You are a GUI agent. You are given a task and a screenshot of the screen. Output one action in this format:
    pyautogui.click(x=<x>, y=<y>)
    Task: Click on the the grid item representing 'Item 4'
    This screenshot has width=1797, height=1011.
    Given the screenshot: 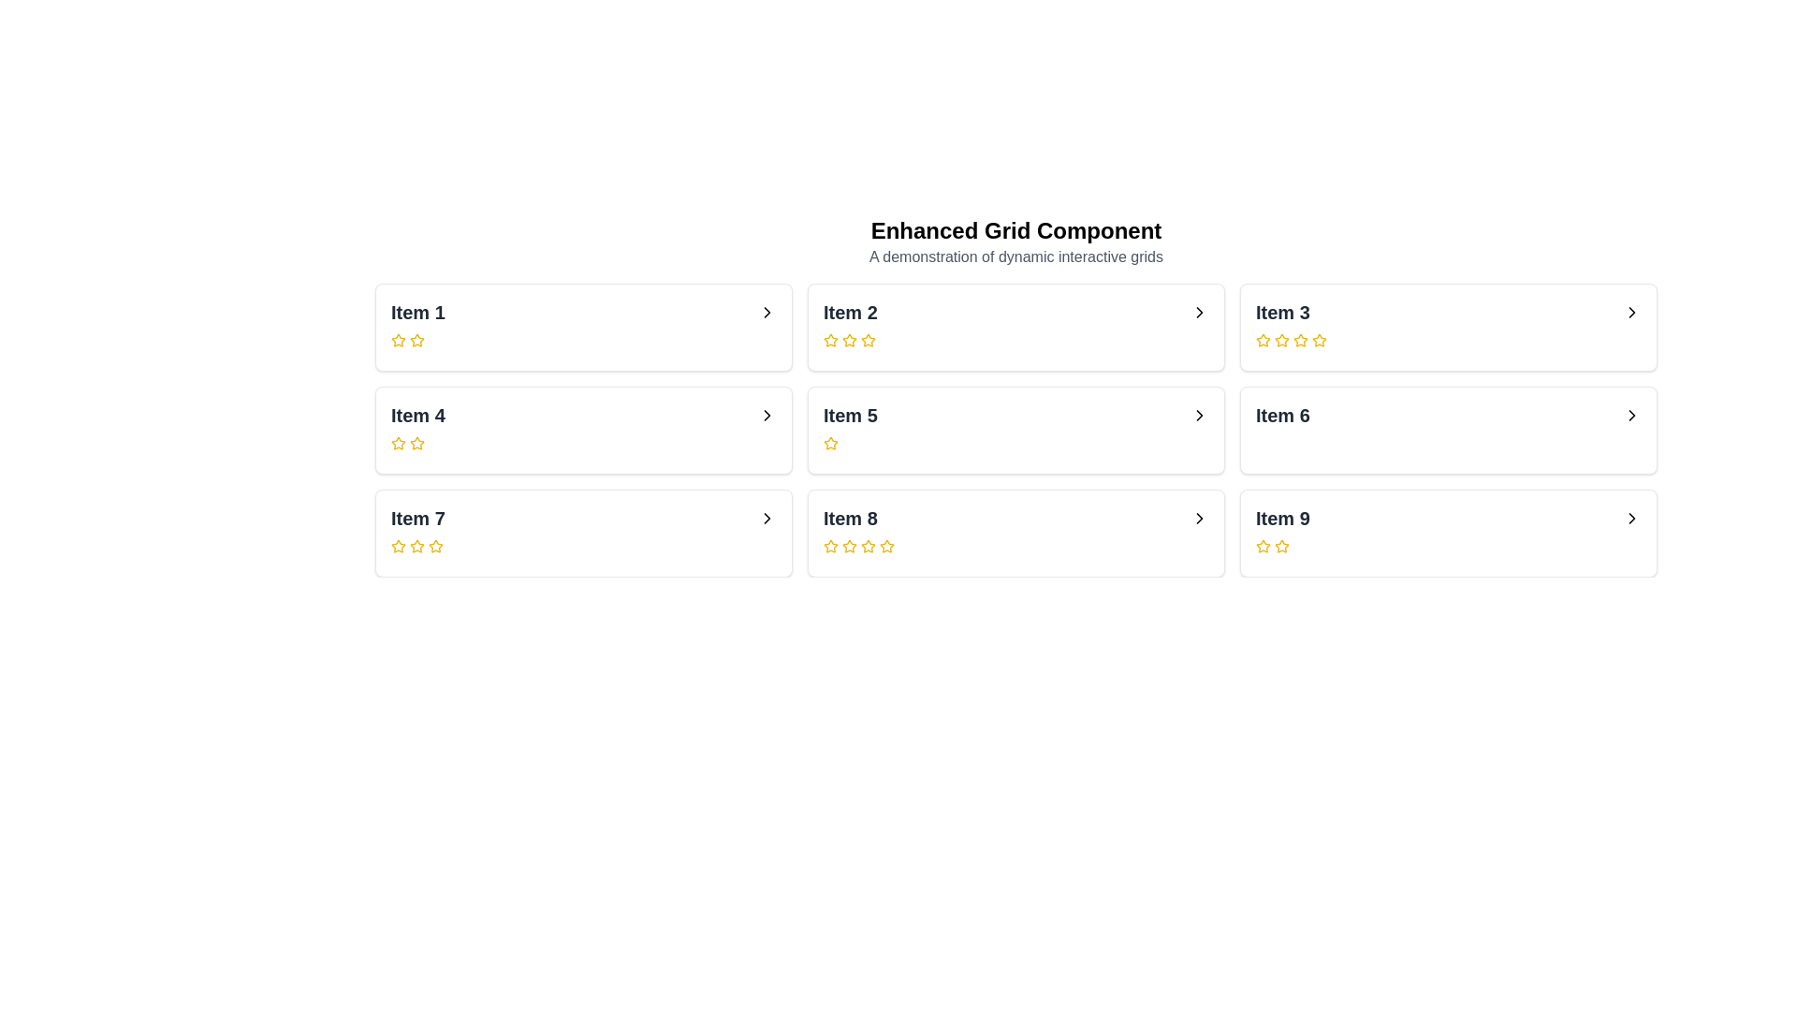 What is the action you would take?
    pyautogui.click(x=583, y=430)
    